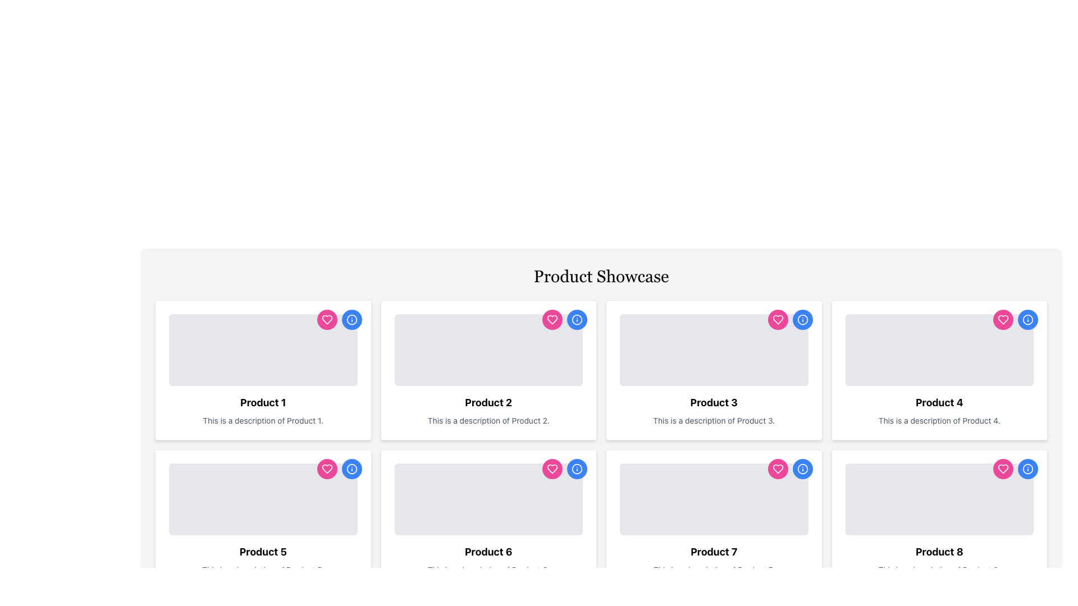 This screenshot has height=606, width=1078. What do you see at coordinates (1016, 320) in the screenshot?
I see `the blue info button, which is part of the grouped interactive buttons located in the top-right corner of the 'Product 4' card` at bounding box center [1016, 320].